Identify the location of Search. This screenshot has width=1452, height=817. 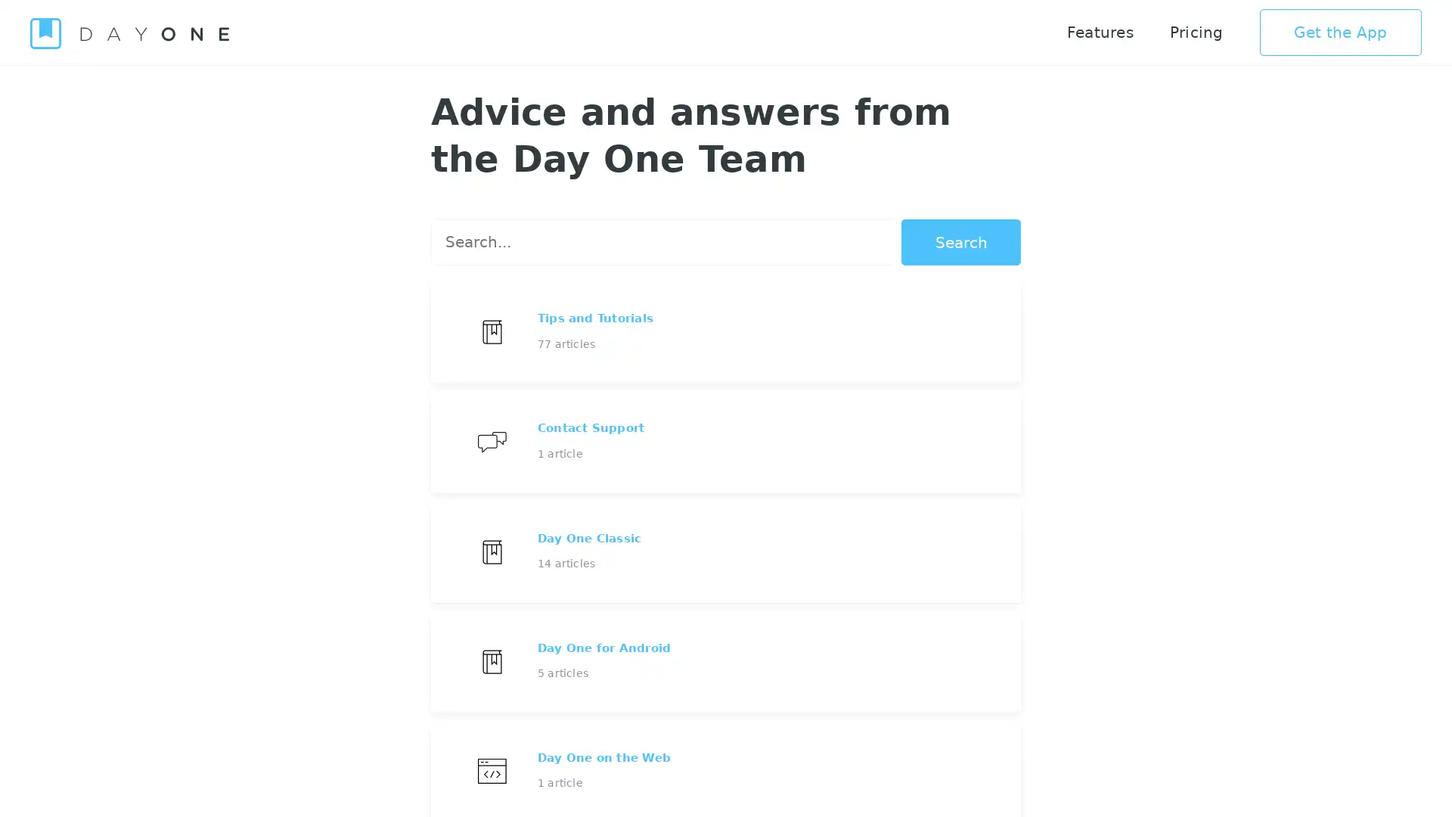
(960, 241).